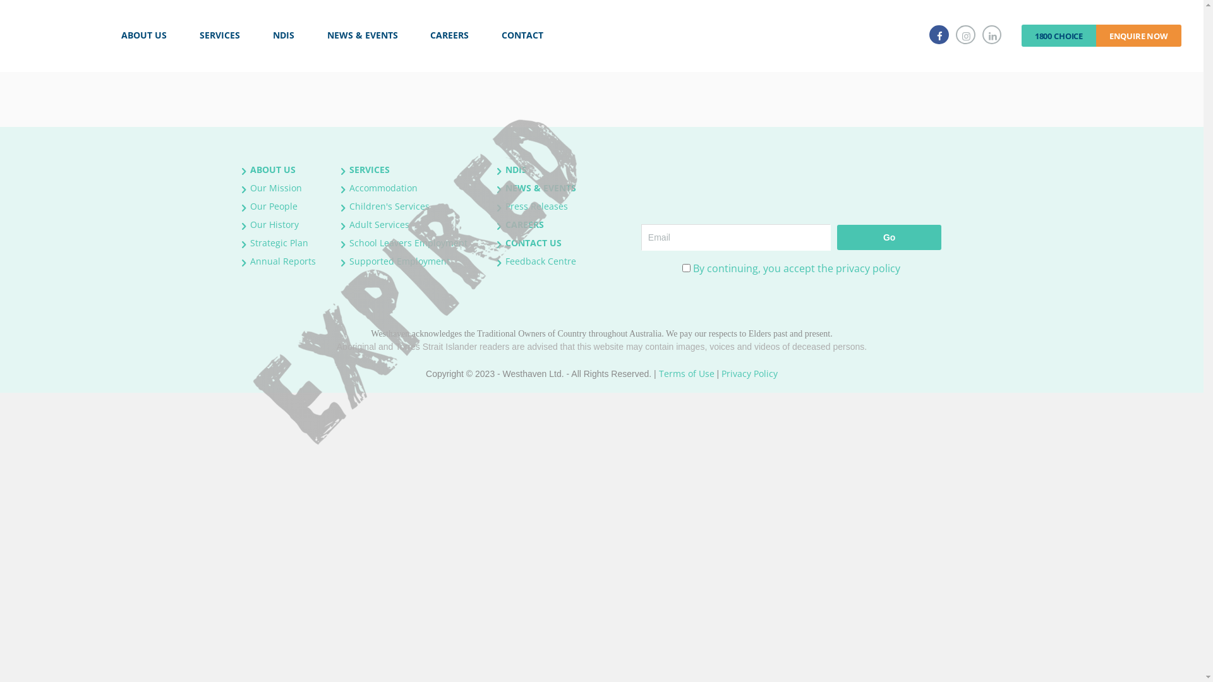 The width and height of the screenshot is (1213, 682). What do you see at coordinates (408, 242) in the screenshot?
I see `'School Leavers Employment'` at bounding box center [408, 242].